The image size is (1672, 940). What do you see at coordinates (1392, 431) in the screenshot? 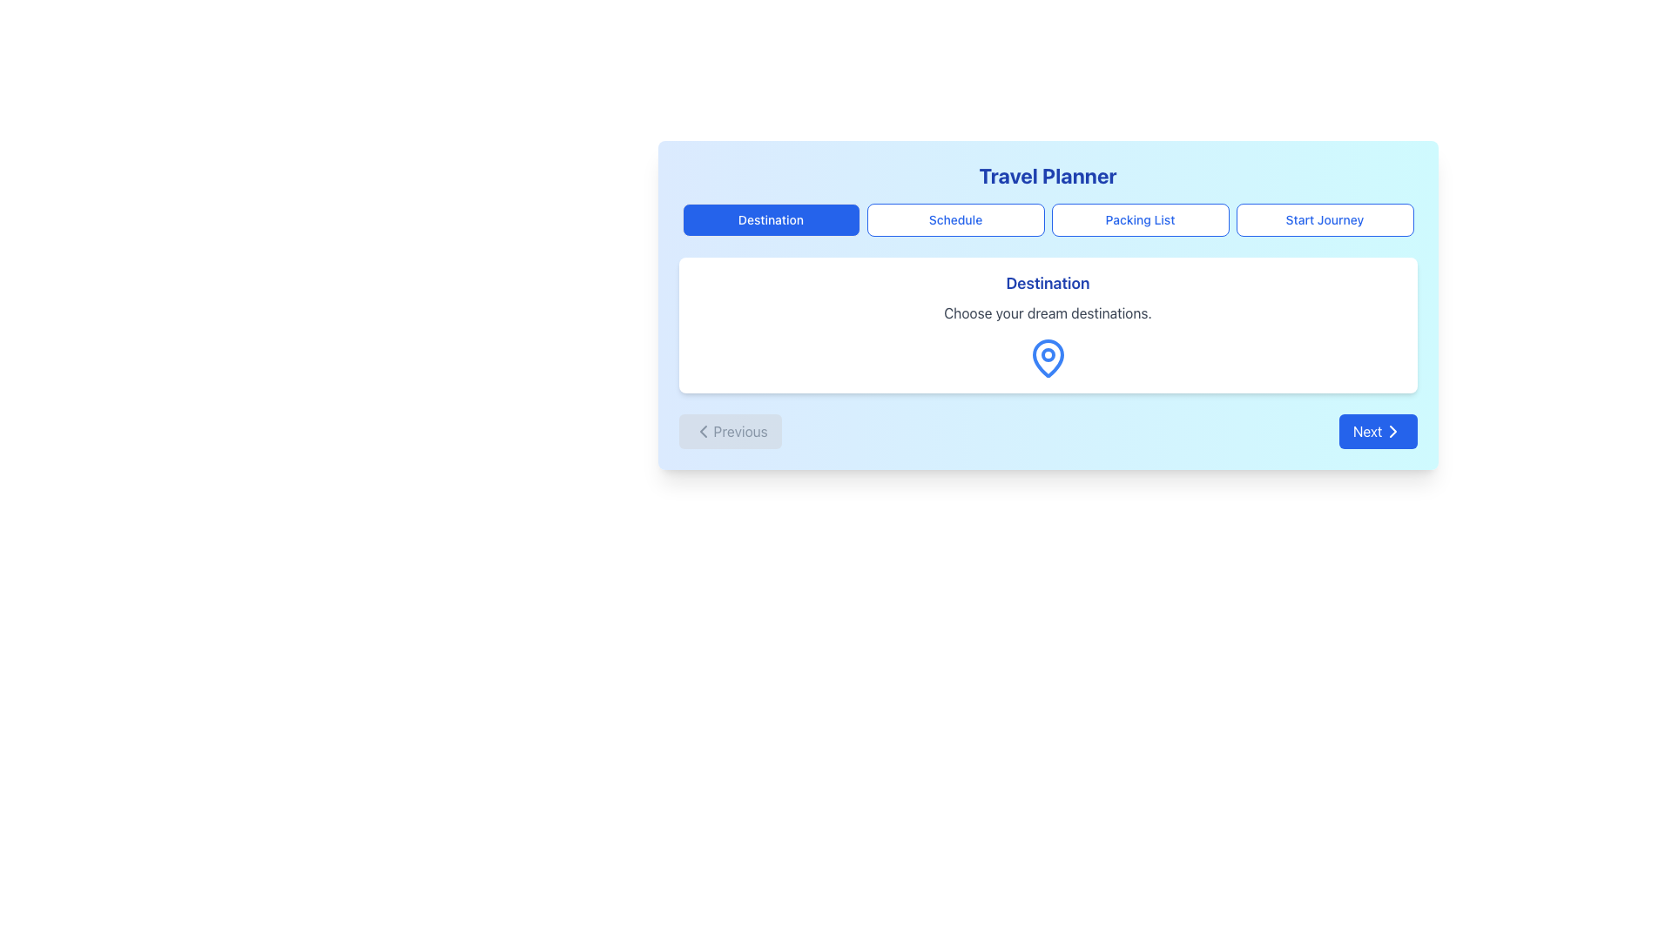
I see `the chevron icon located at the far right of the 'Next' button` at bounding box center [1392, 431].